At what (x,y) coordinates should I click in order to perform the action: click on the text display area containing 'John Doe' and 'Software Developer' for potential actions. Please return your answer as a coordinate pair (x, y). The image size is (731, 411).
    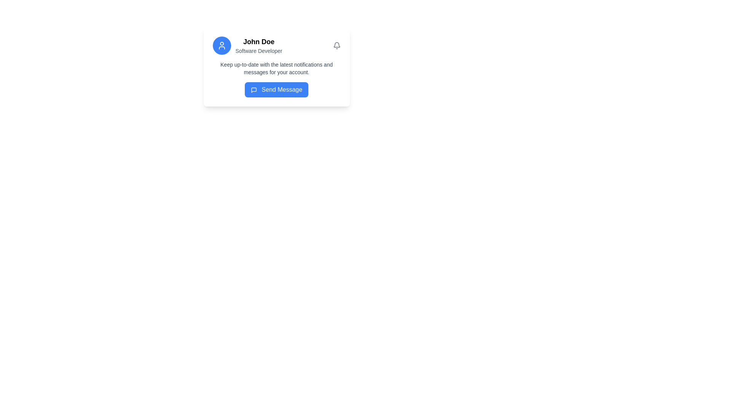
    Looking at the image, I should click on (259, 45).